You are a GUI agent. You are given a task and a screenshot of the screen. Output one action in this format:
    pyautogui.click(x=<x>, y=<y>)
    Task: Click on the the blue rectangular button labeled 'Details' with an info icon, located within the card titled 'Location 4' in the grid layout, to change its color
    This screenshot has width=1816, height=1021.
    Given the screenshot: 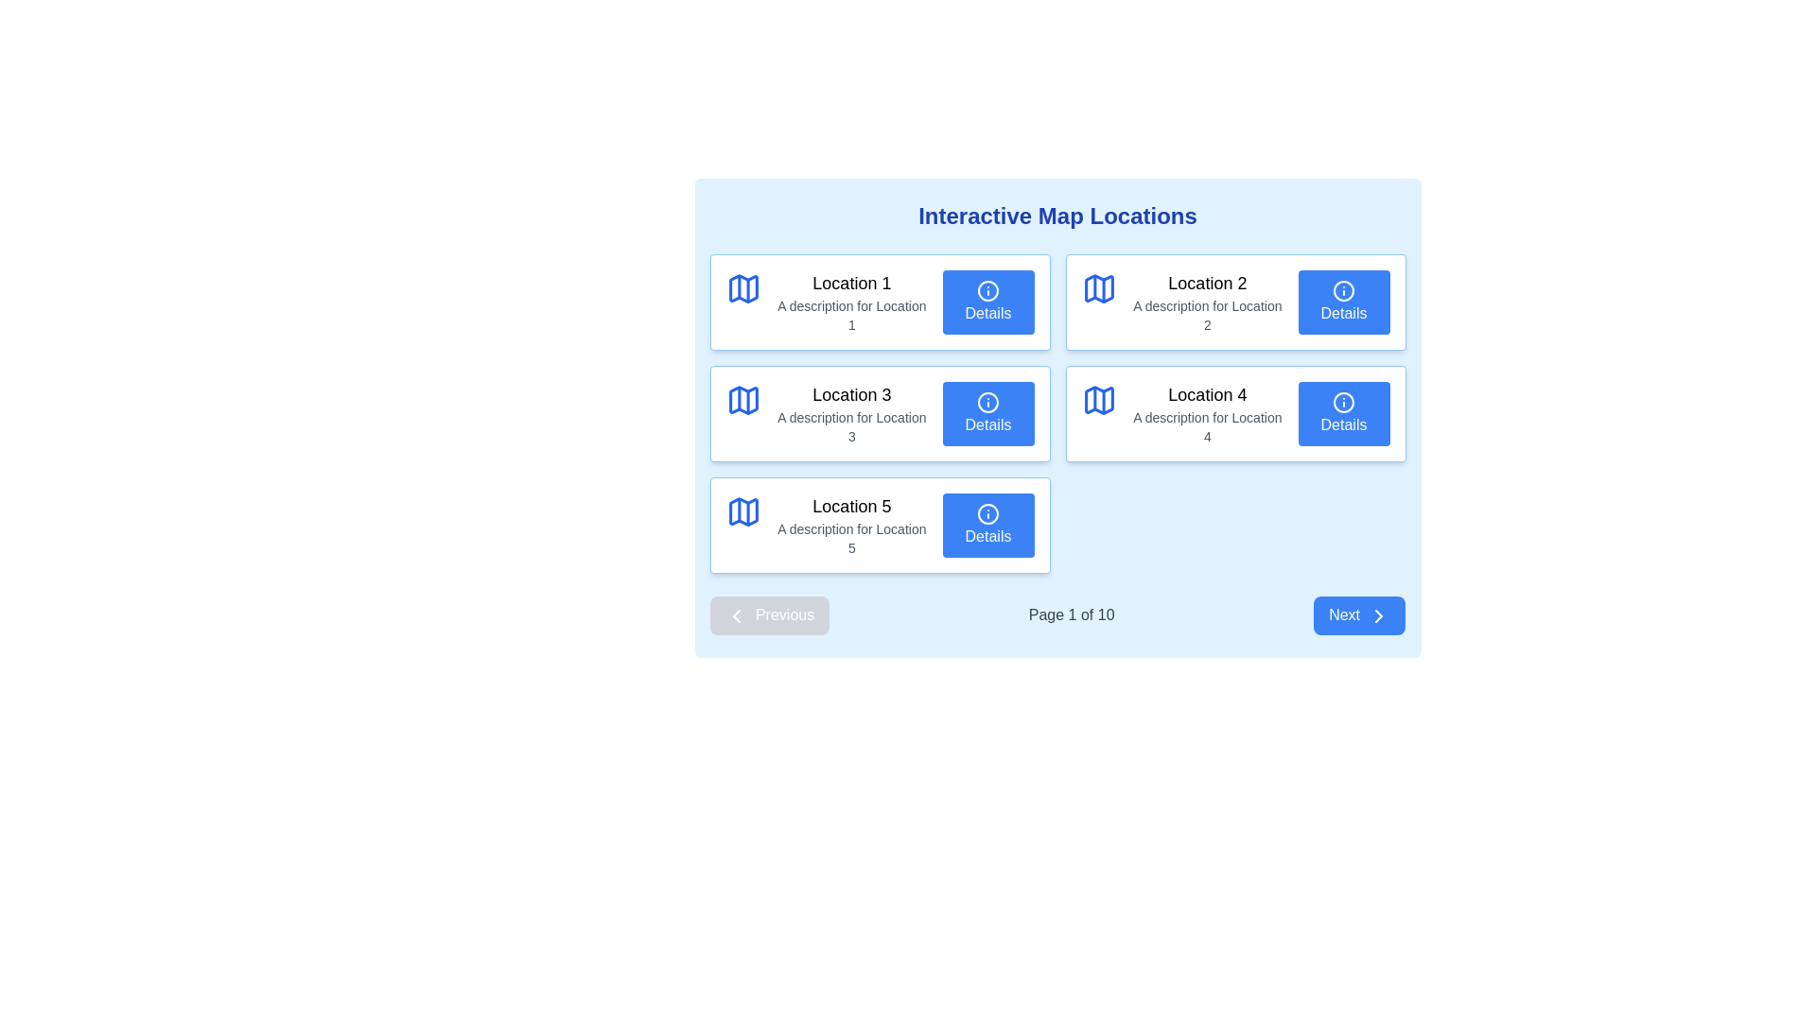 What is the action you would take?
    pyautogui.click(x=1342, y=413)
    